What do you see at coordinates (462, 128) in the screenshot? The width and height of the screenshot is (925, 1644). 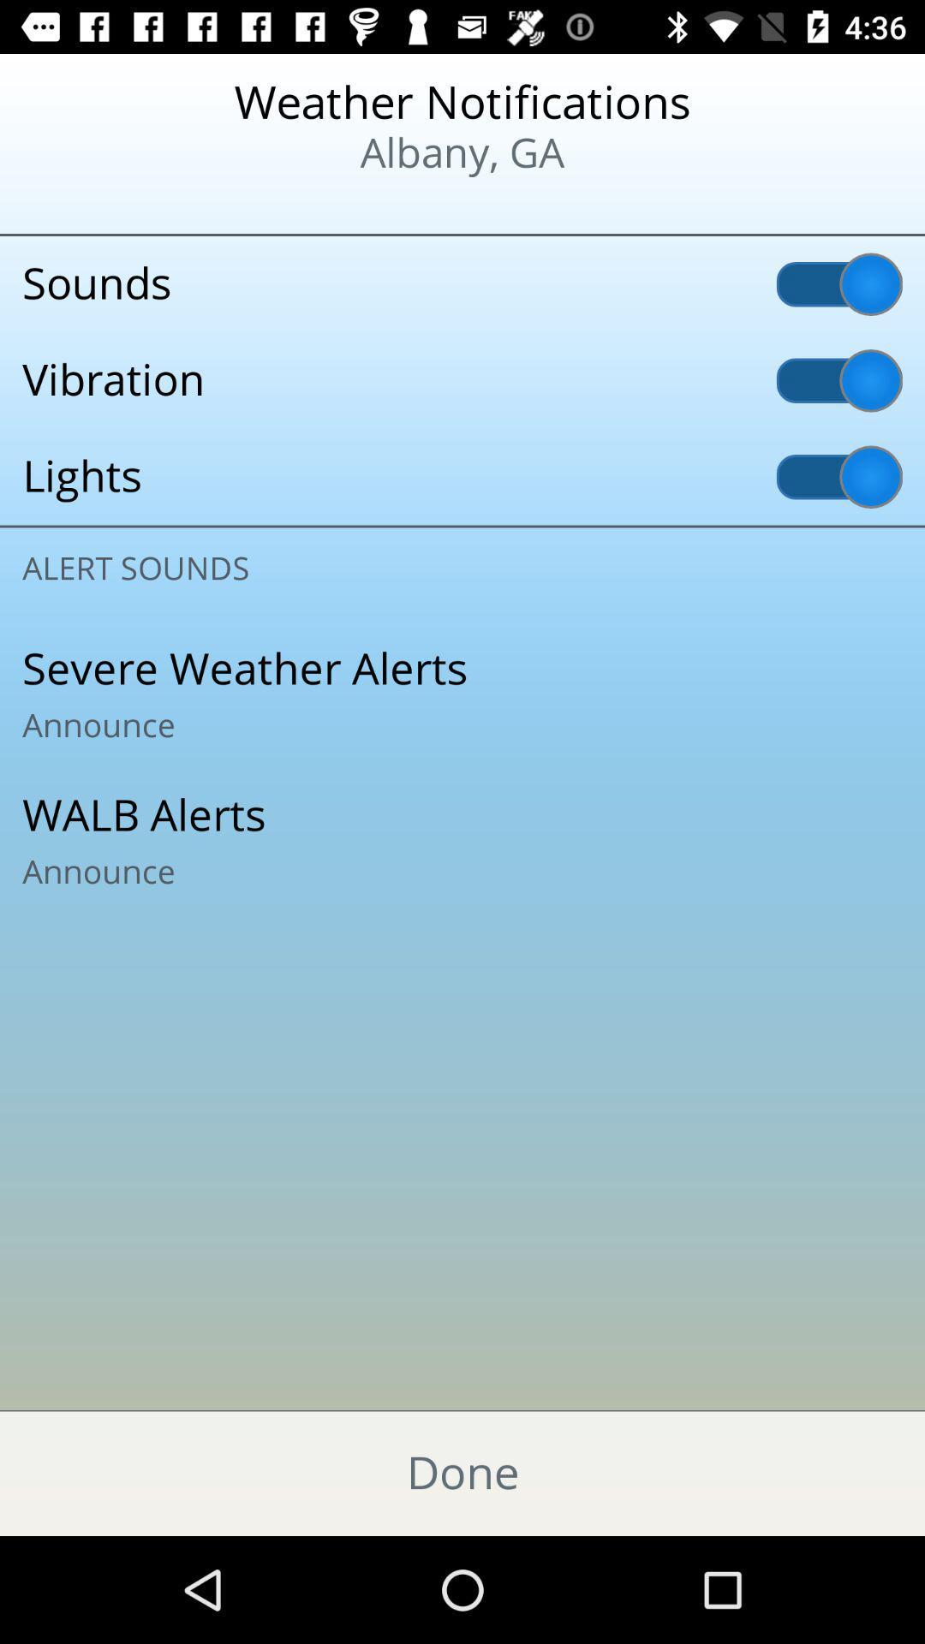 I see `the two lines text which is on the top of the page` at bounding box center [462, 128].